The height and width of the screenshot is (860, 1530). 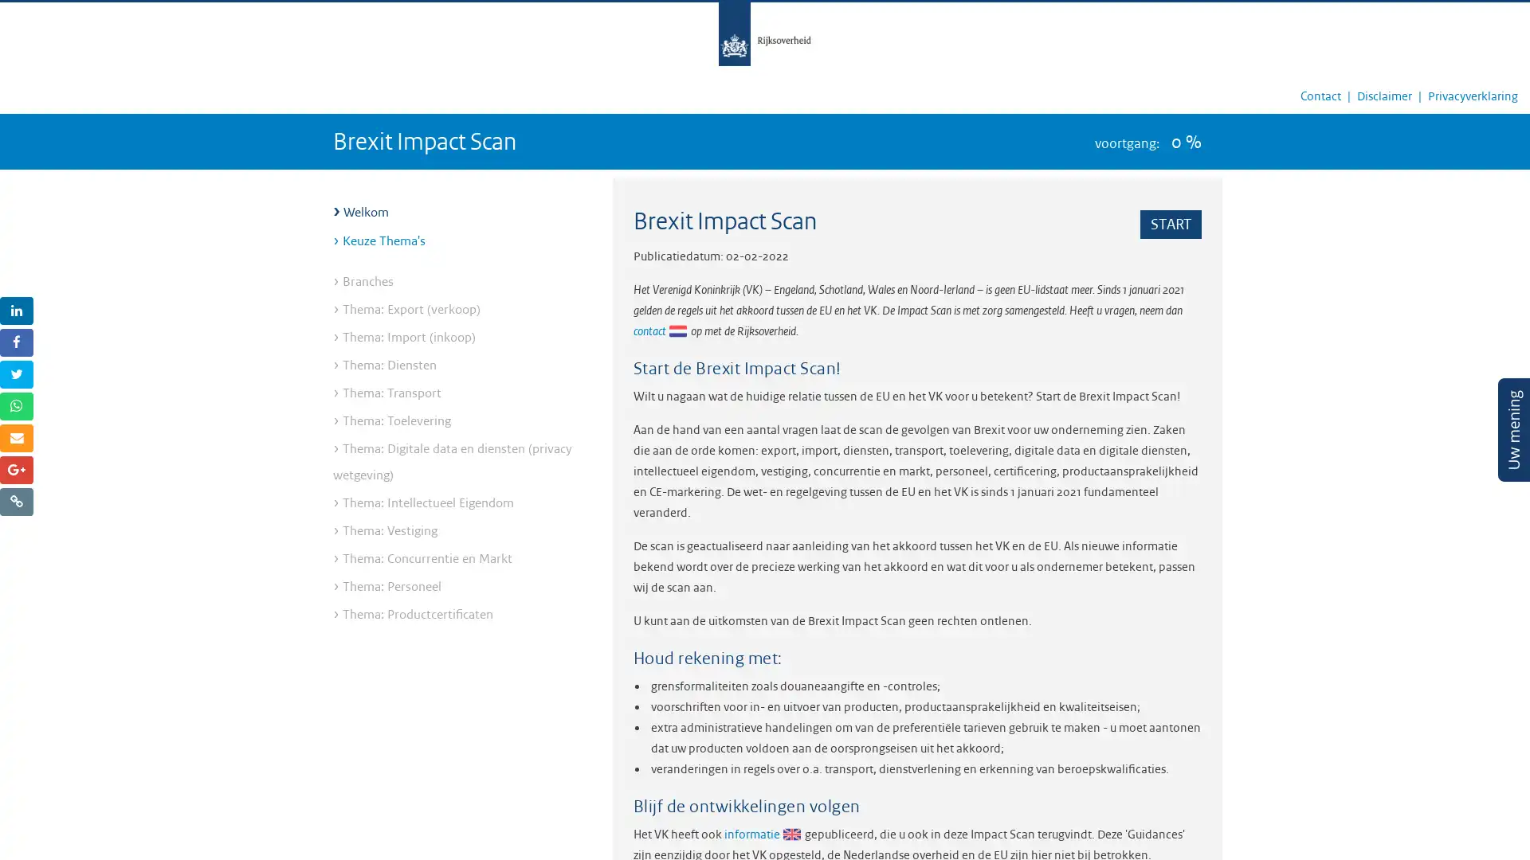 I want to click on Thema: Digitale data en diensten (privacy wetgeving), so click(x=458, y=461).